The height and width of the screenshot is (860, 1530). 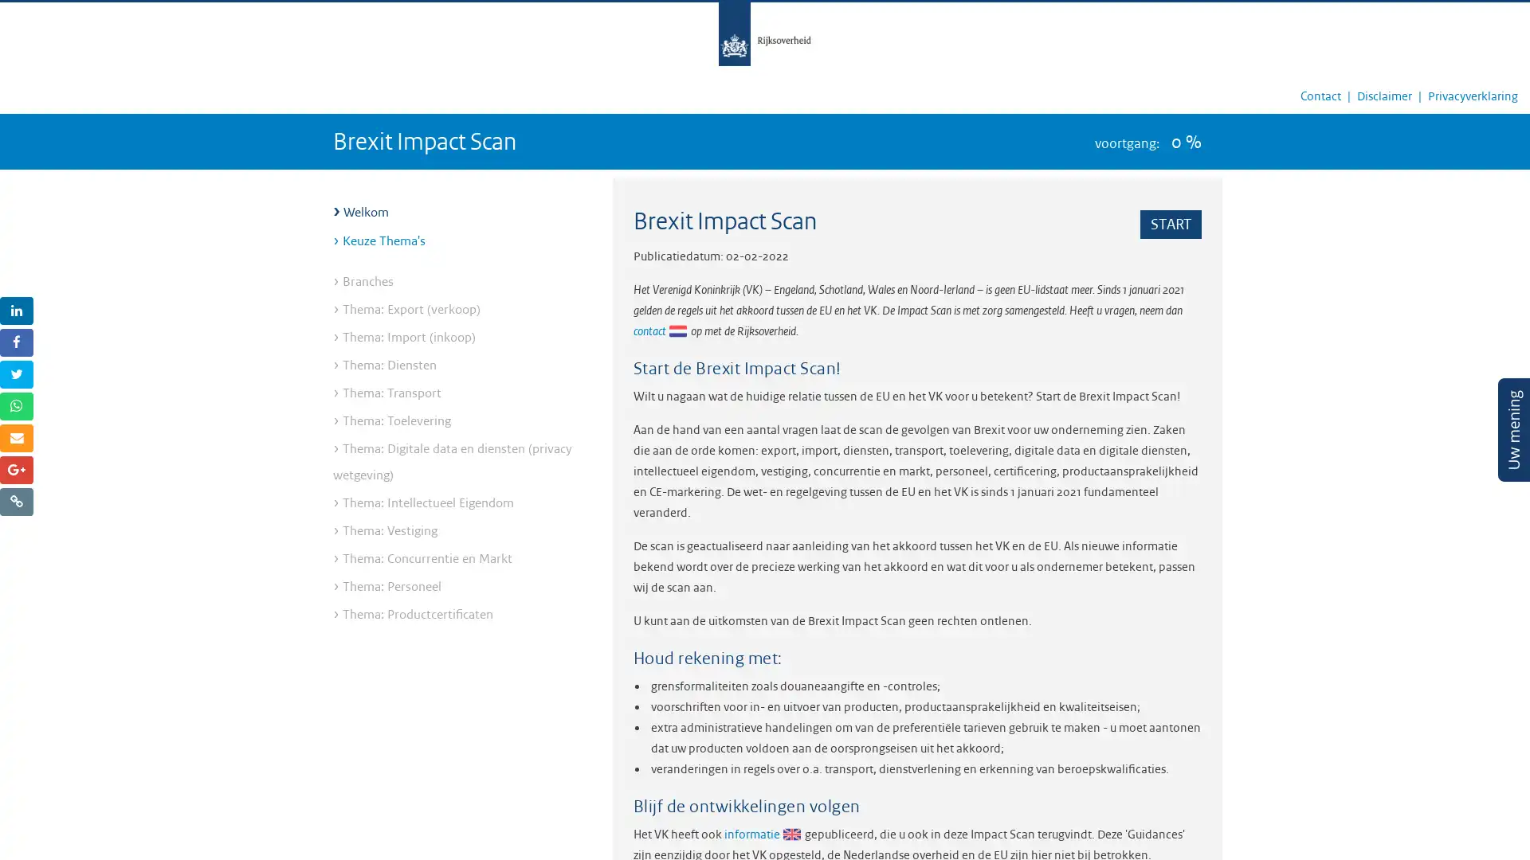 I want to click on Thema: Digitale data en diensten (privacy wetgeving), so click(x=458, y=461).